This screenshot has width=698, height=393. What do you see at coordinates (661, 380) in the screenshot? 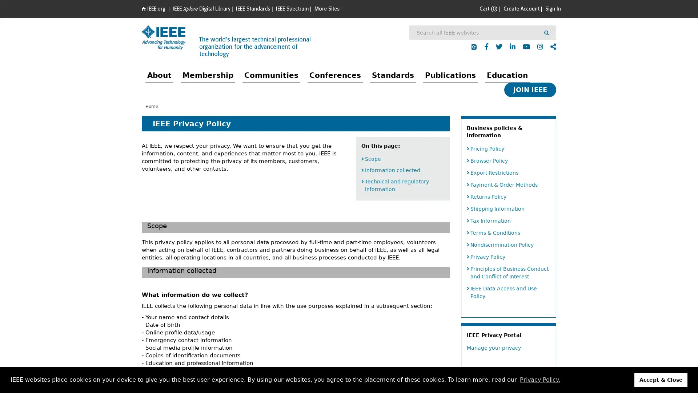
I see `dismiss cookie message` at bounding box center [661, 380].